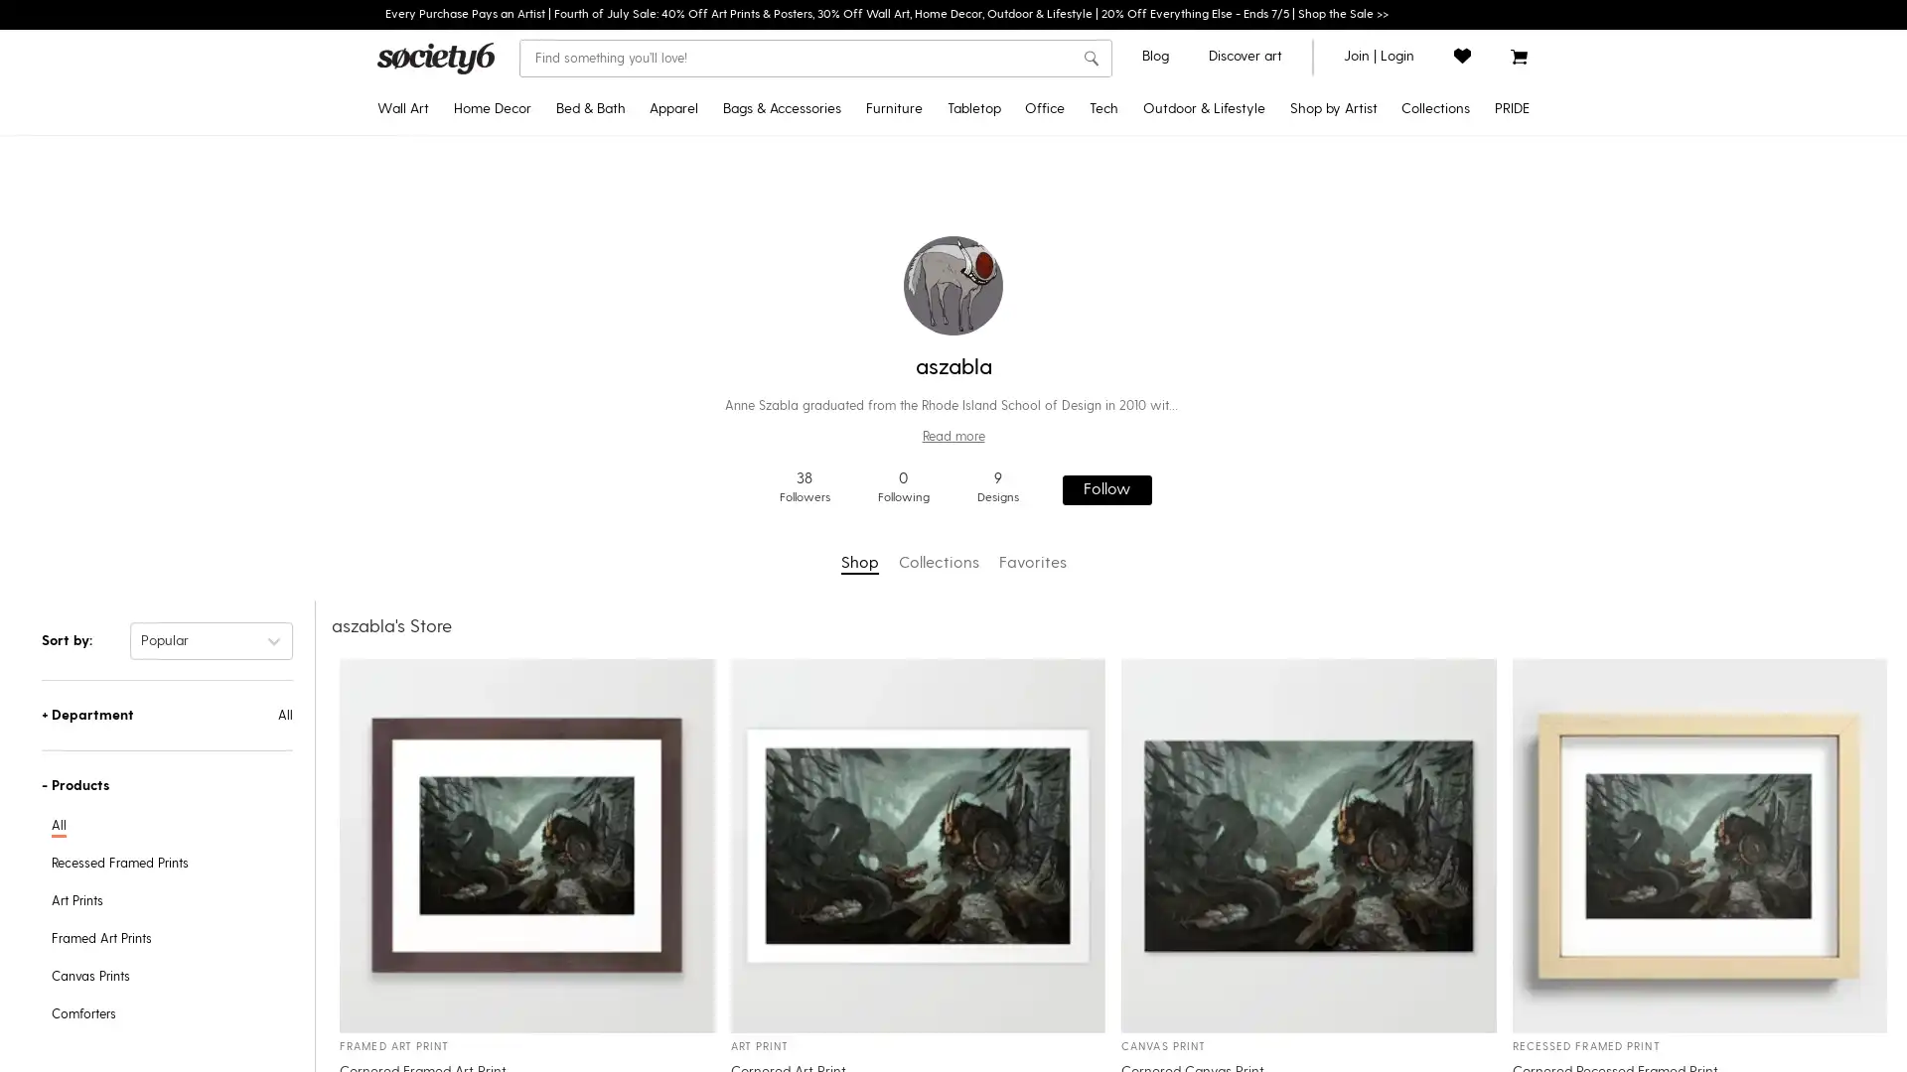 Image resolution: width=1907 pixels, height=1072 pixels. Describe the element at coordinates (1094, 159) in the screenshot. I see `Desk MatsNEW` at that location.